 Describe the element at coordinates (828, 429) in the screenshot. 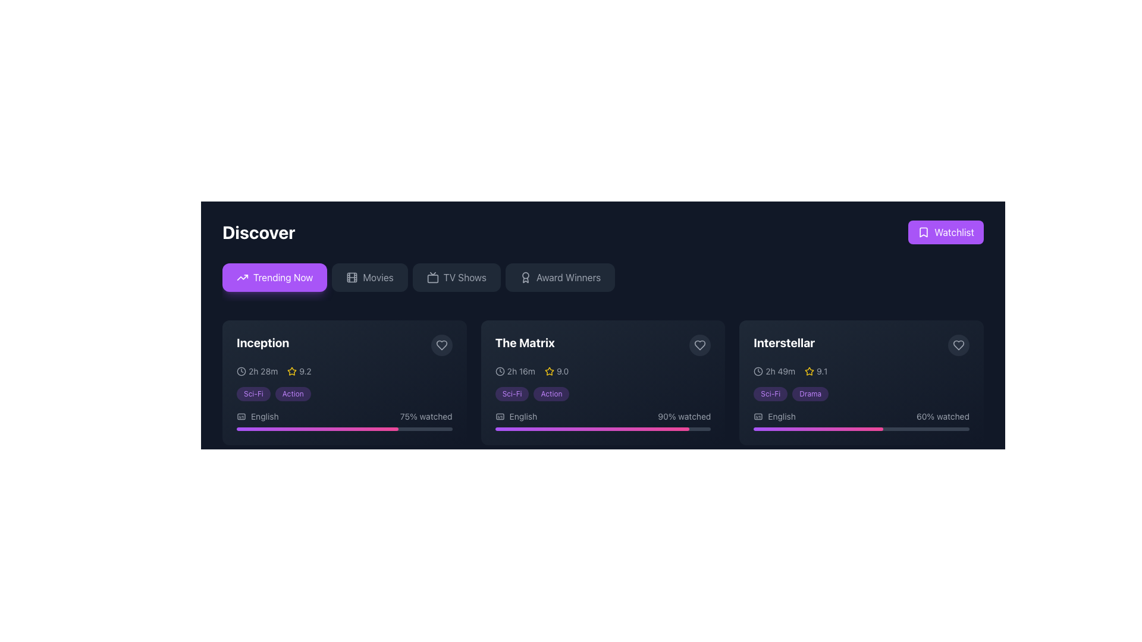

I see `watched progress` at that location.